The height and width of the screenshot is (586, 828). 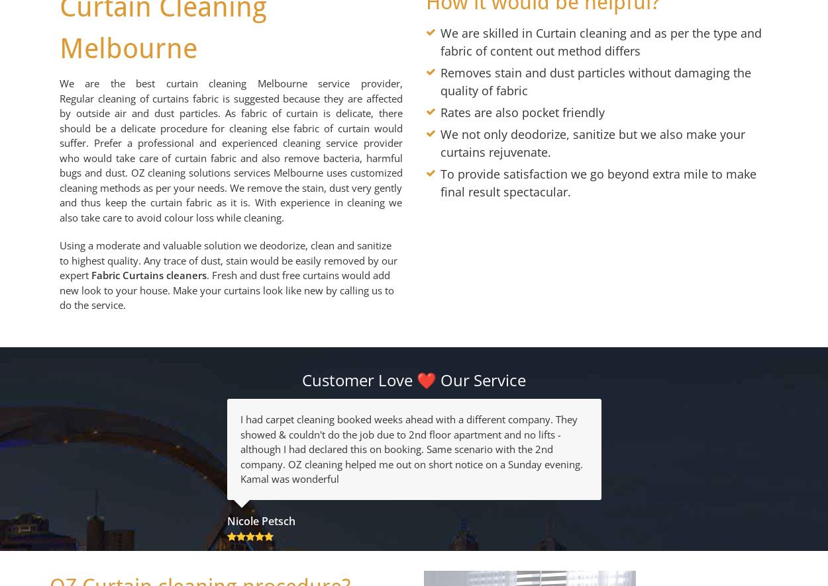 What do you see at coordinates (414, 380) in the screenshot?
I see `'Customer Love ❤️ Our Service'` at bounding box center [414, 380].